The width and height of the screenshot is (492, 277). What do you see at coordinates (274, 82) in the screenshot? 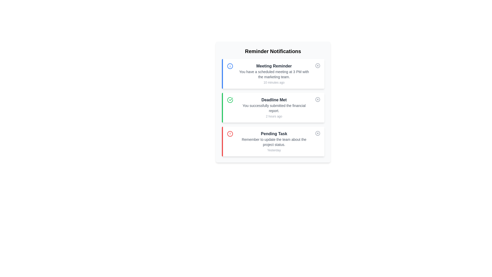
I see `the text label displaying '10 minutes ago' within the 'Meeting Reminder' notification card` at bounding box center [274, 82].